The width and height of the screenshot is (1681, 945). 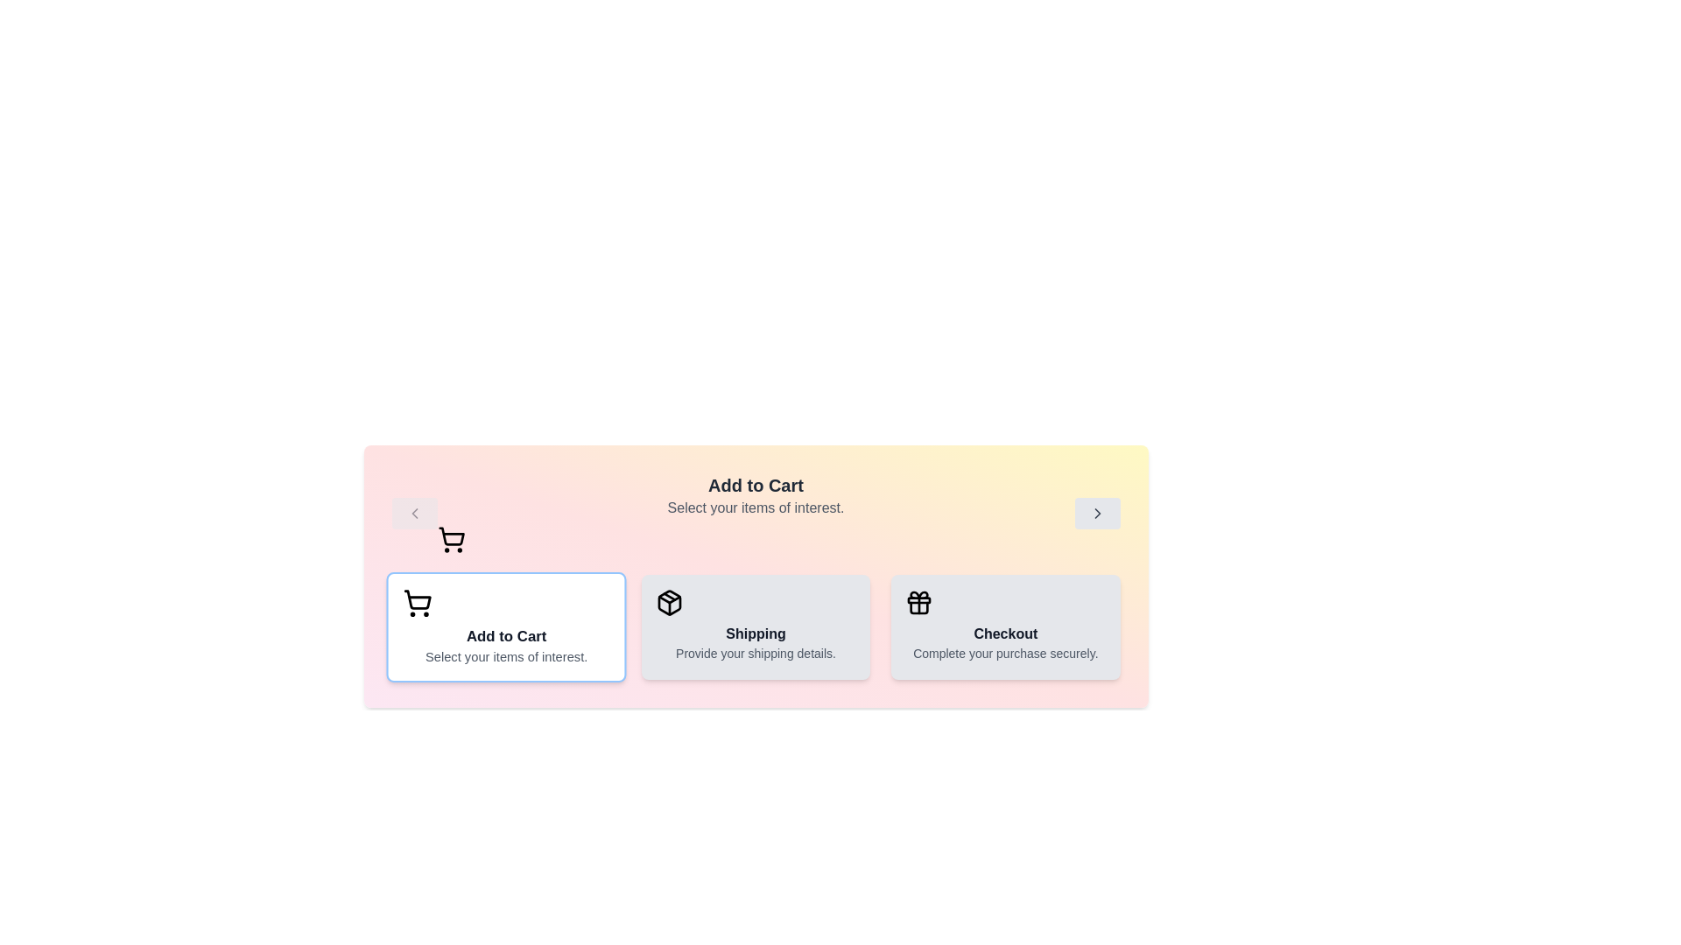 What do you see at coordinates (1096, 512) in the screenshot?
I see `the rightward arrow icon embedded within the square button in the top-right area of the interface` at bounding box center [1096, 512].